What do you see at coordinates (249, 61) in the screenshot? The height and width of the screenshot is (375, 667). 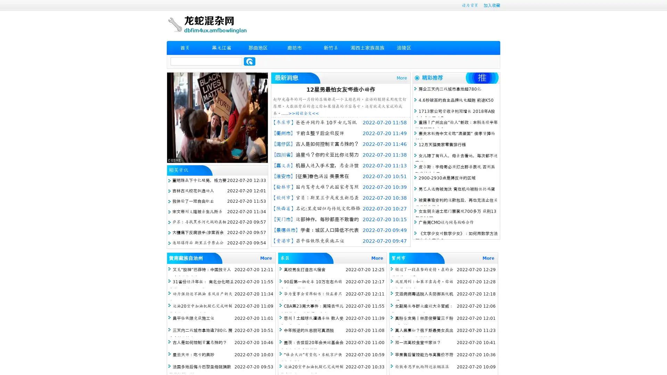 I see `Search` at bounding box center [249, 61].